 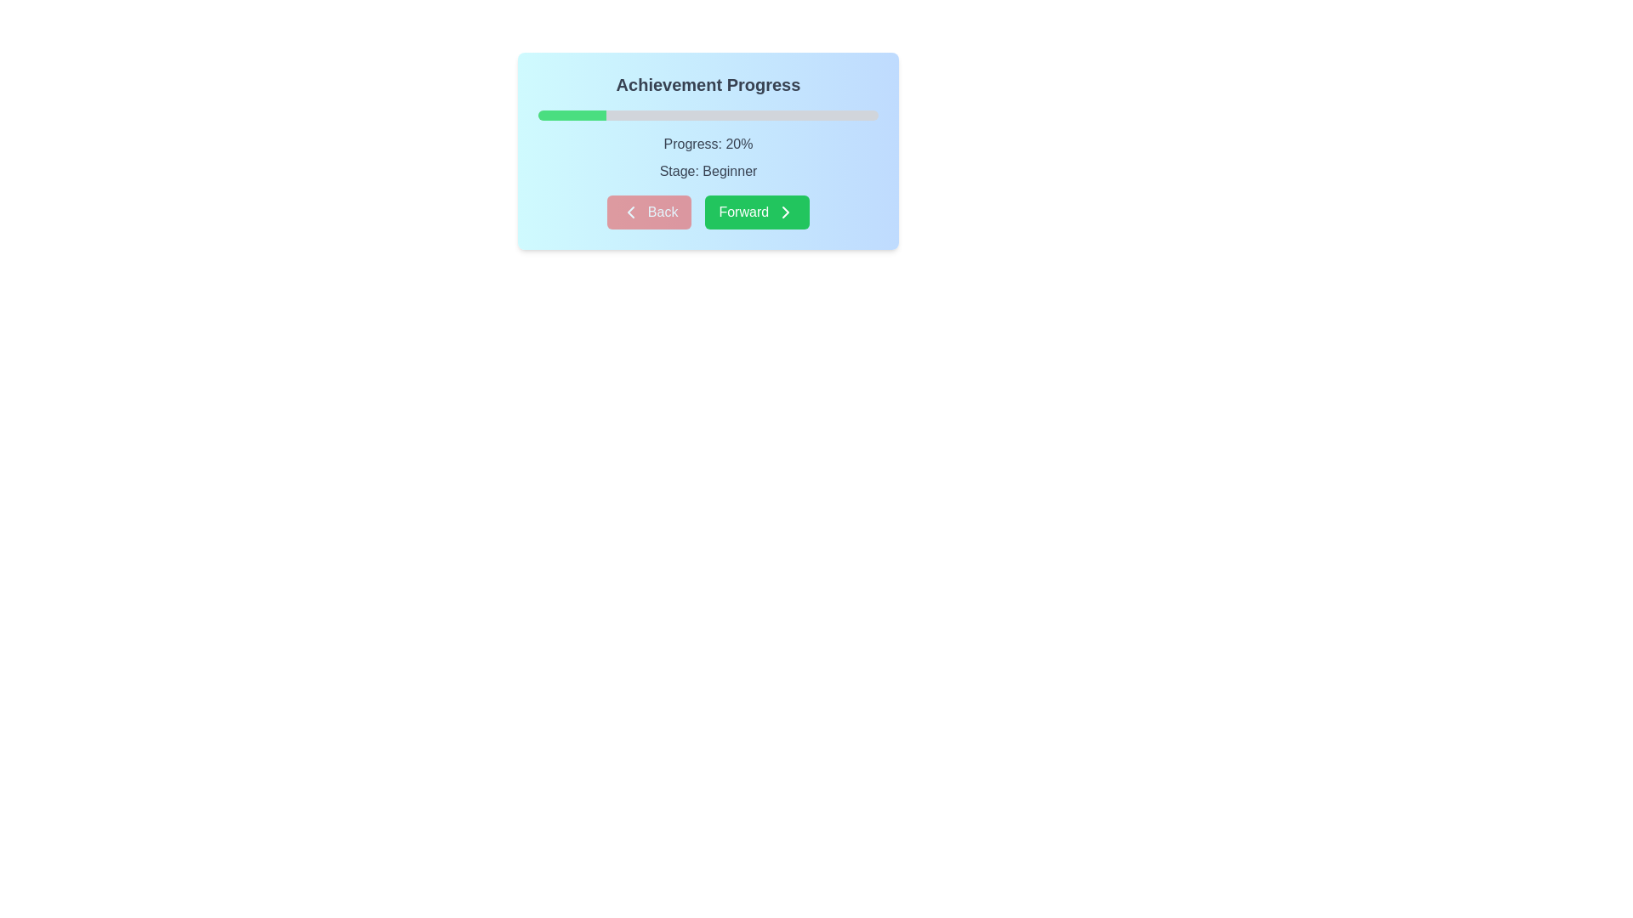 What do you see at coordinates (756, 212) in the screenshot?
I see `the green 'Forward' button with rounded corners and a right-pointing arrow icon, located in the bottom center of the progress card interface` at bounding box center [756, 212].